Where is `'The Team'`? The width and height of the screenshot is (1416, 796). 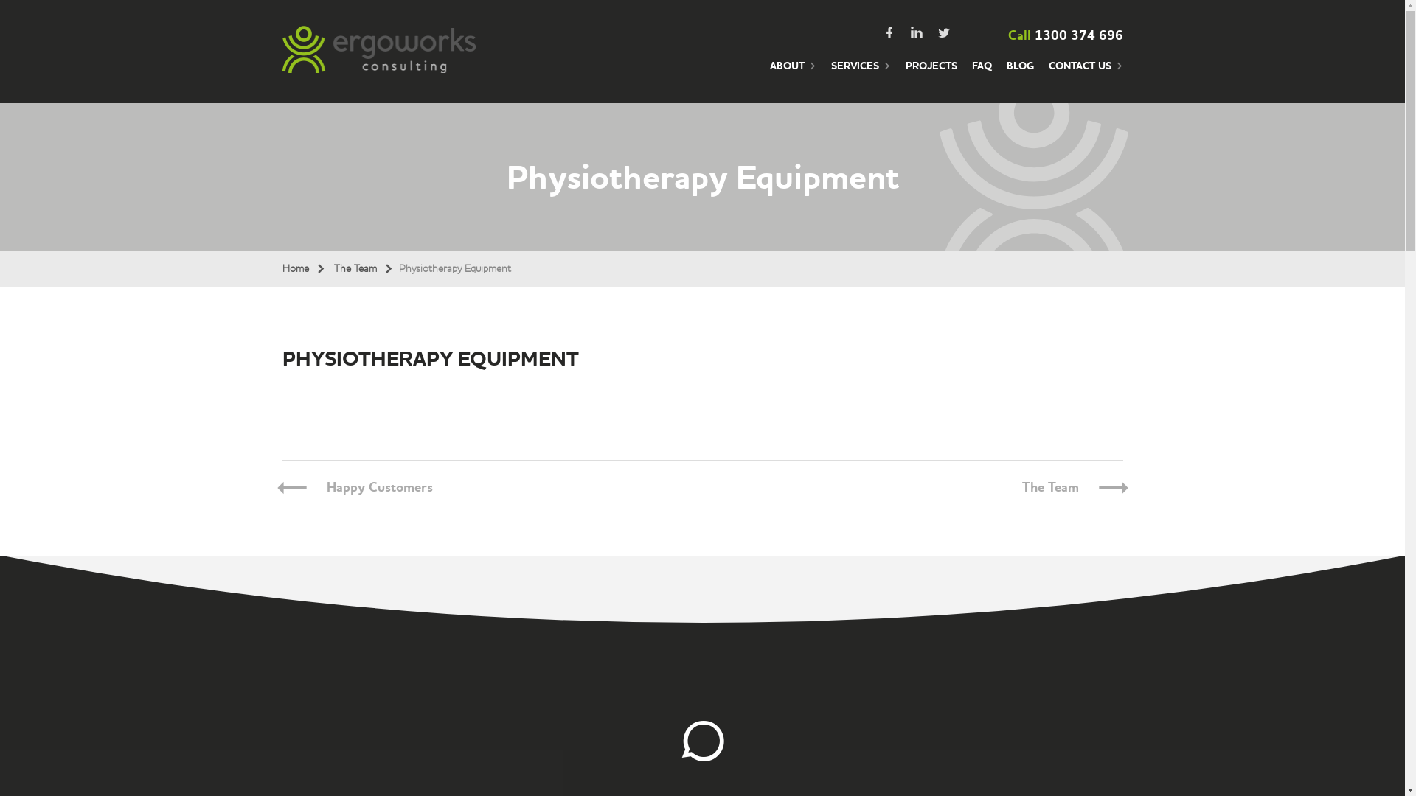 'The Team' is located at coordinates (1049, 487).